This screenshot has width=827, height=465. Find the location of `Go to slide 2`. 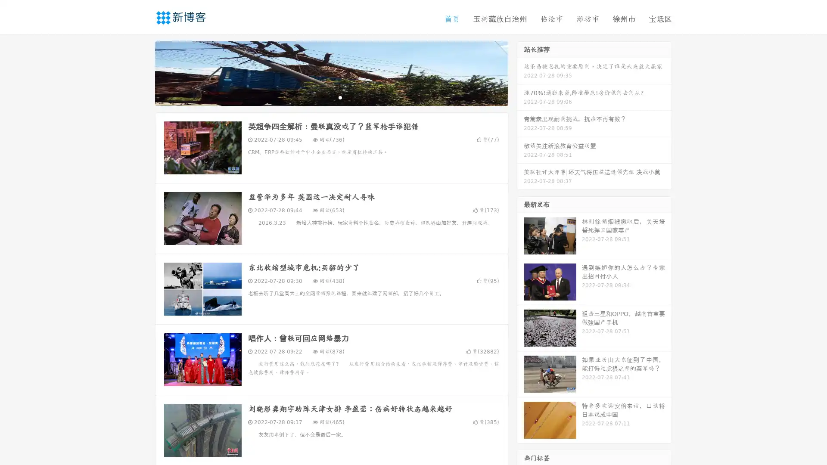

Go to slide 2 is located at coordinates (331, 97).